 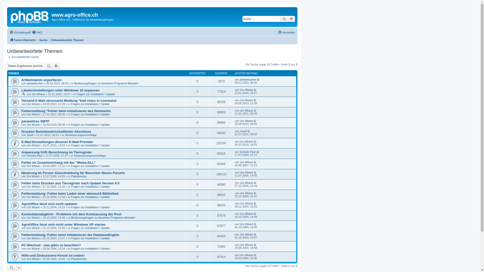 I want to click on 'Suche', so click(x=48, y=66).